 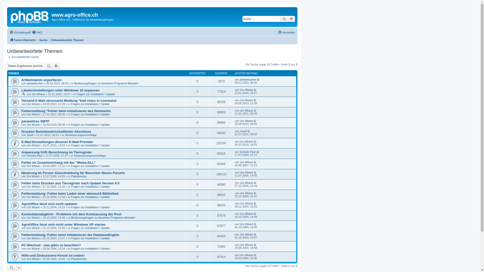 I want to click on 'Suche', so click(x=48, y=66).